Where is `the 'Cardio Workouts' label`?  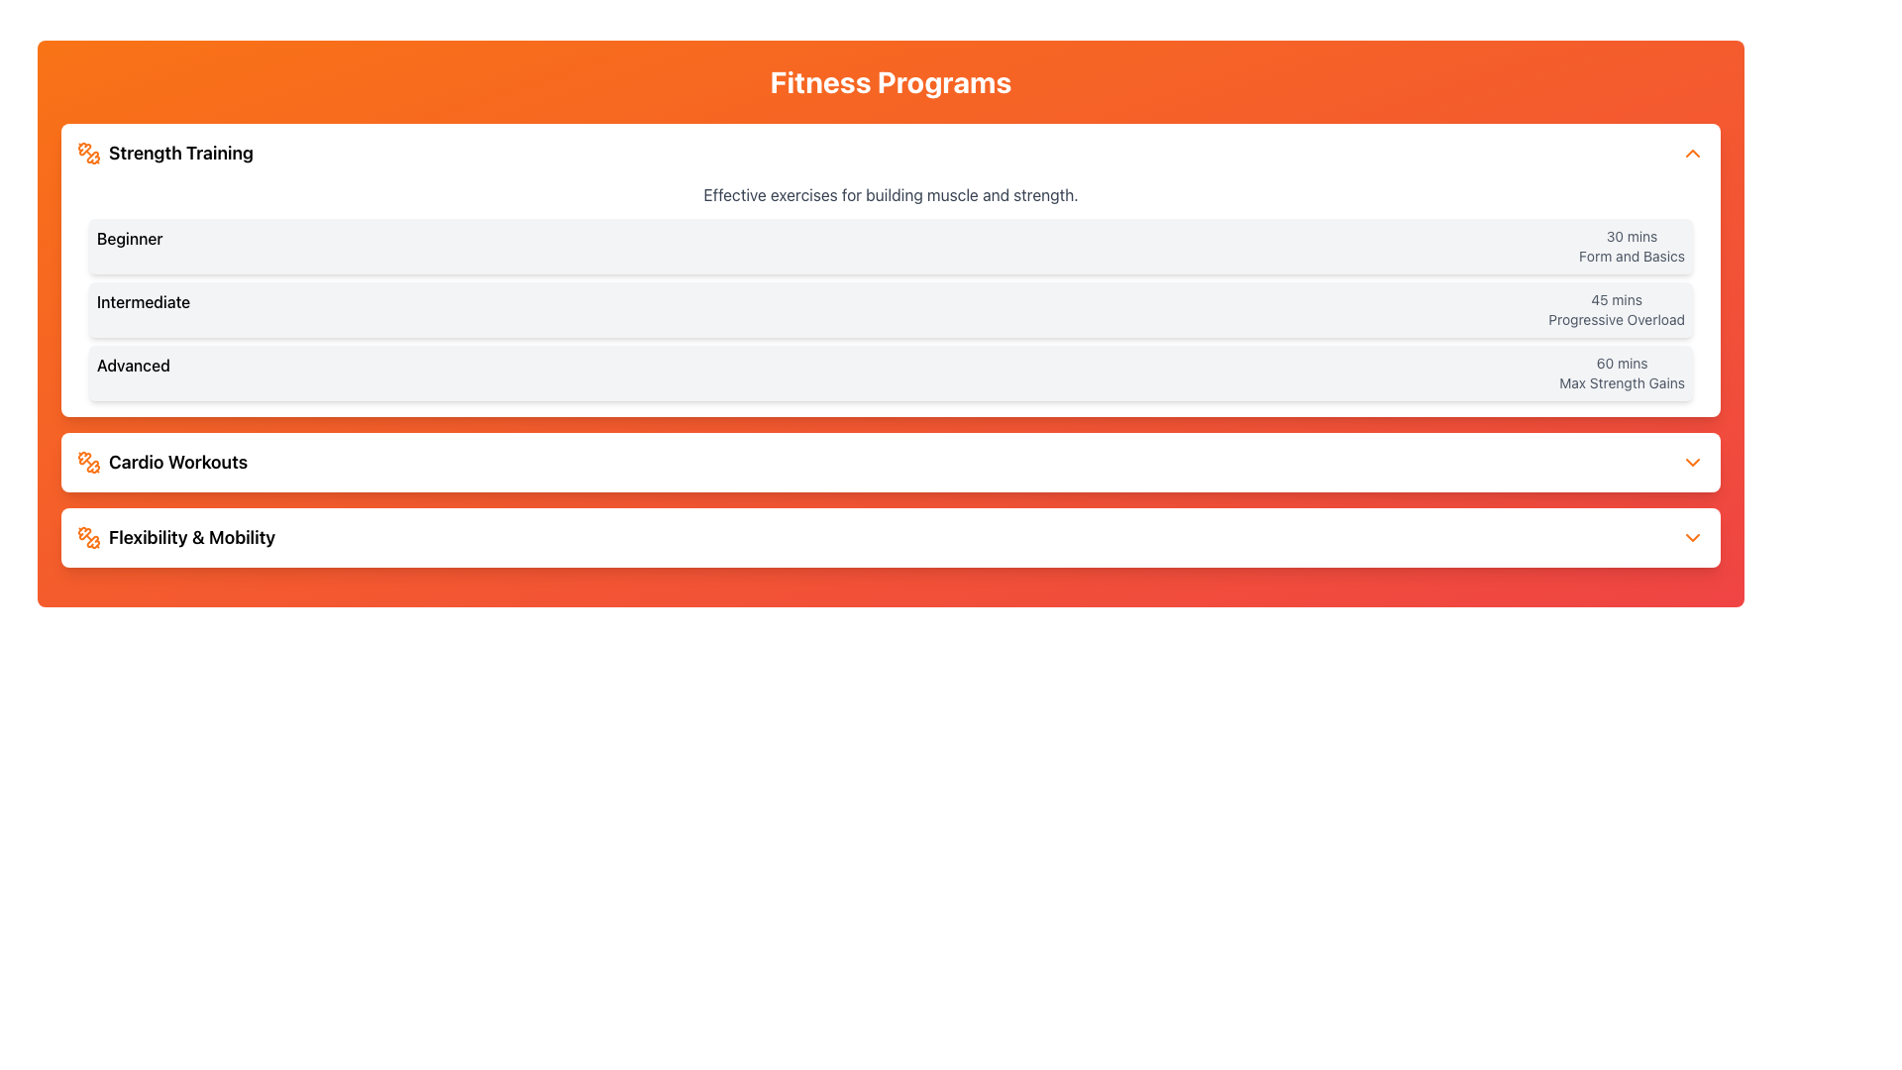
the 'Cardio Workouts' label is located at coordinates (178, 462).